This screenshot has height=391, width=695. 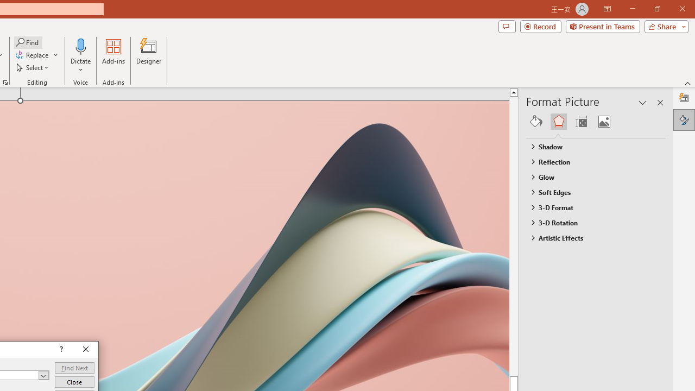 I want to click on 'Find...', so click(x=28, y=42).